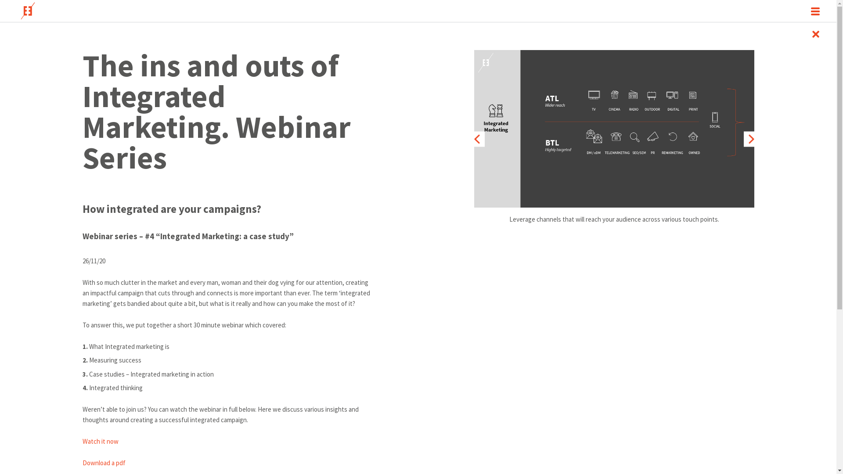  Describe the element at coordinates (751, 138) in the screenshot. I see `'Next'` at that location.